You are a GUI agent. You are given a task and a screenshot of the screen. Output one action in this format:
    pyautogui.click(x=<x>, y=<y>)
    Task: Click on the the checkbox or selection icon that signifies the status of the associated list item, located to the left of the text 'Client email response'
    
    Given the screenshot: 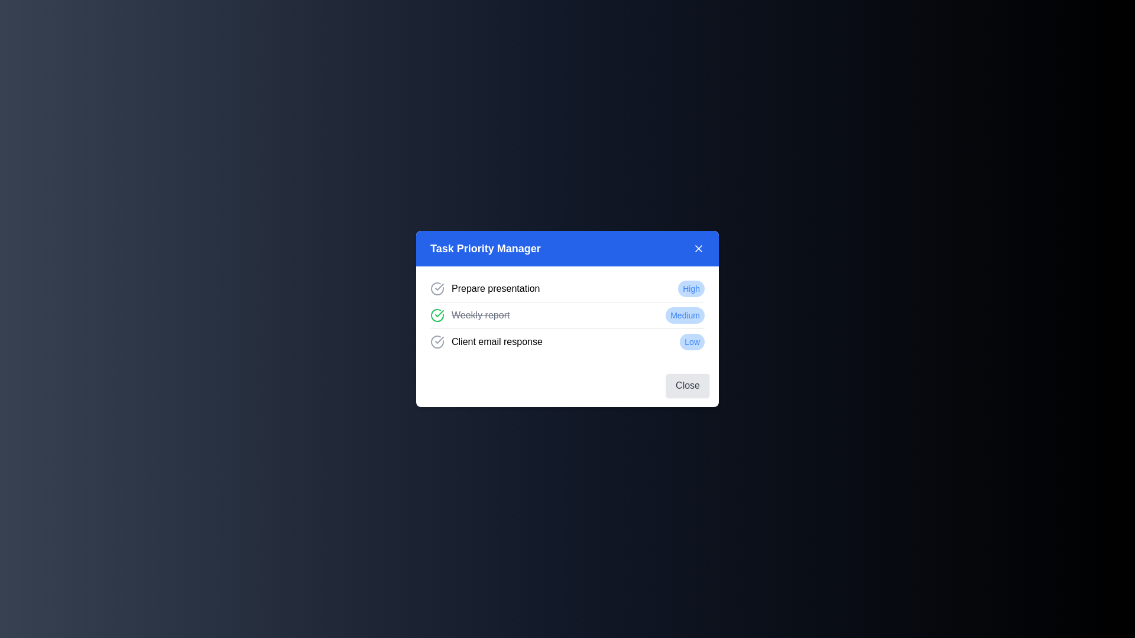 What is the action you would take?
    pyautogui.click(x=436, y=341)
    